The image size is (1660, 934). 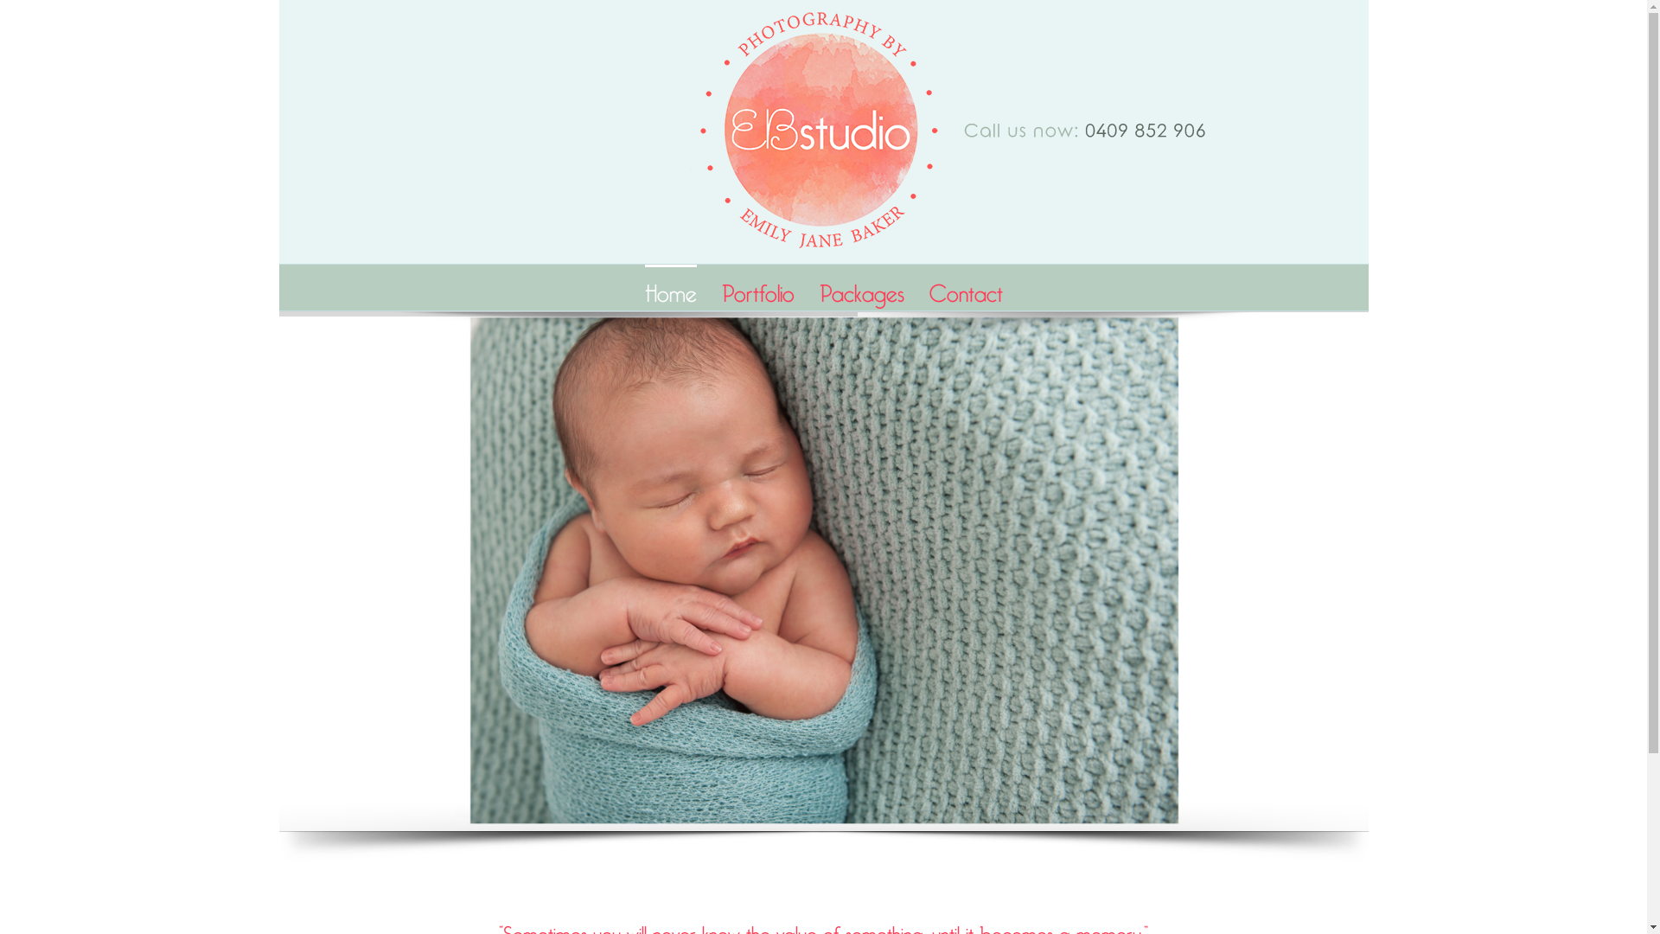 What do you see at coordinates (862, 286) in the screenshot?
I see `'Packages'` at bounding box center [862, 286].